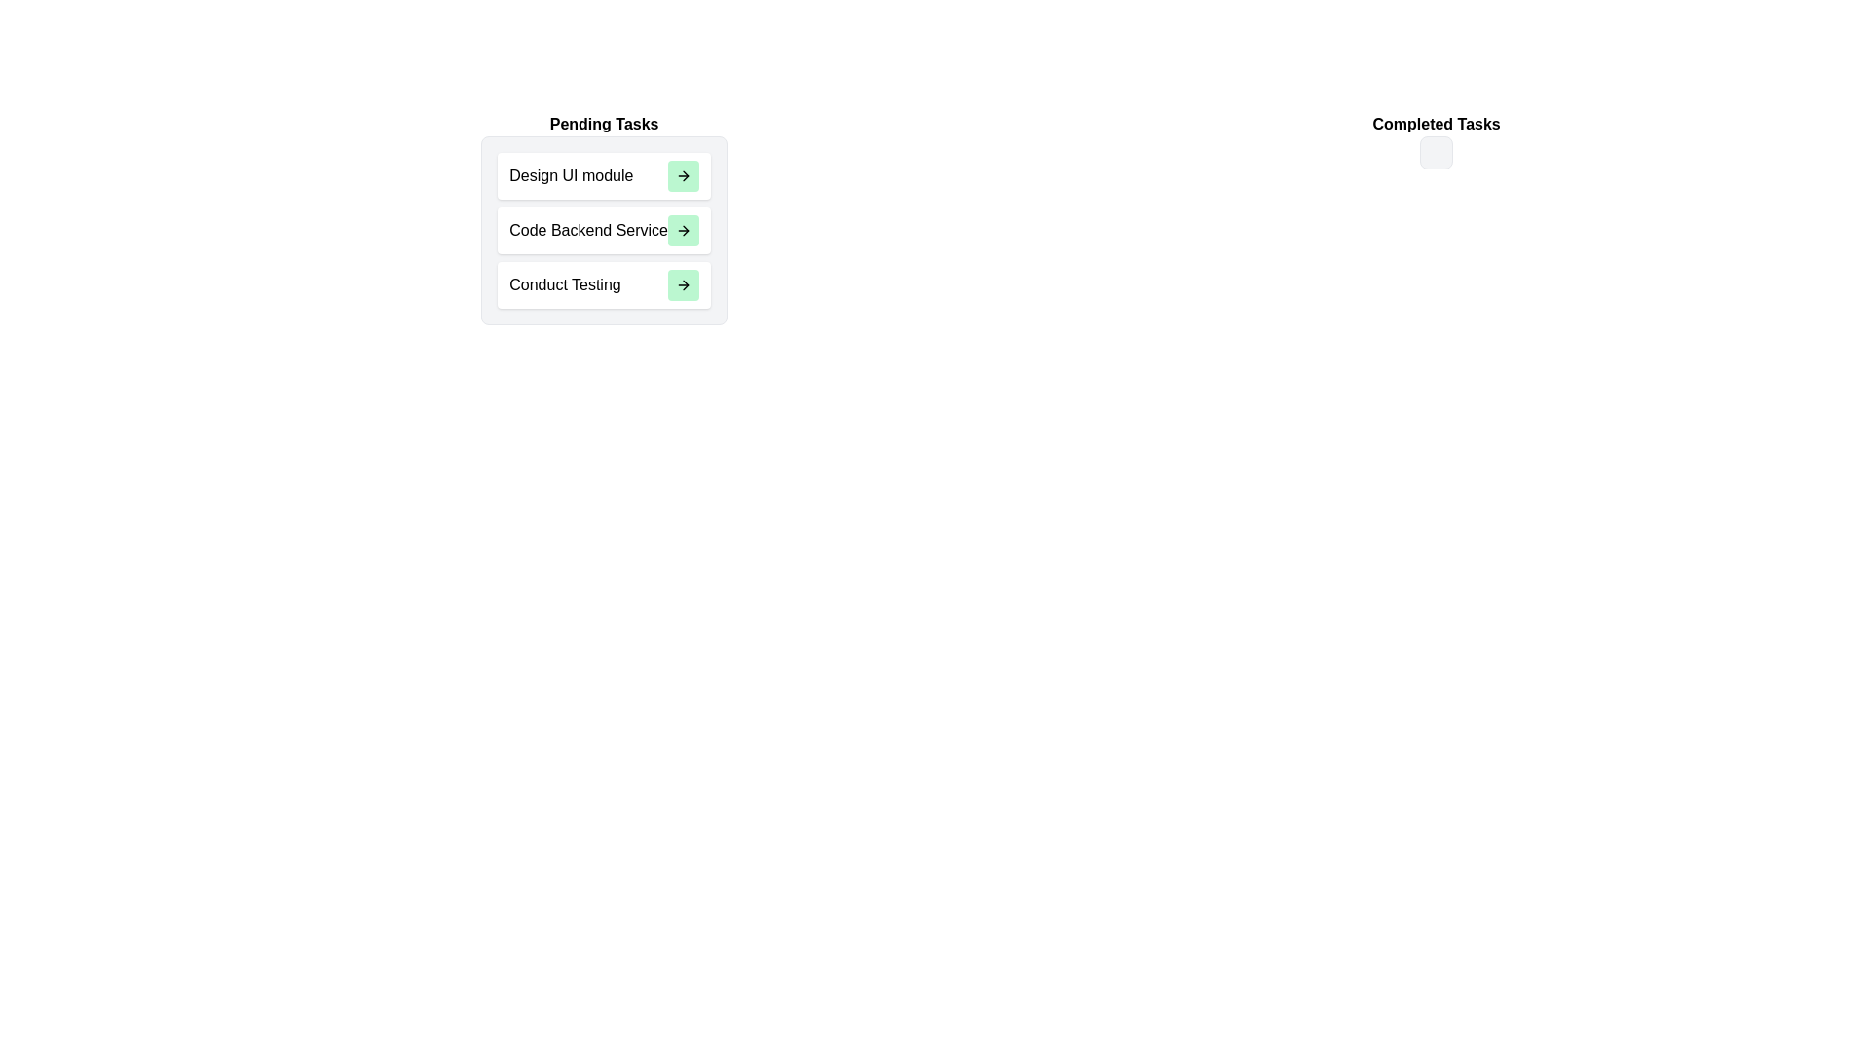 The image size is (1870, 1052). Describe the element at coordinates (683, 285) in the screenshot. I see `the green arrow button next to the task 'Conduct Testing' in the 'Pending Tasks' list to move it to the 'Completed Tasks' list` at that location.